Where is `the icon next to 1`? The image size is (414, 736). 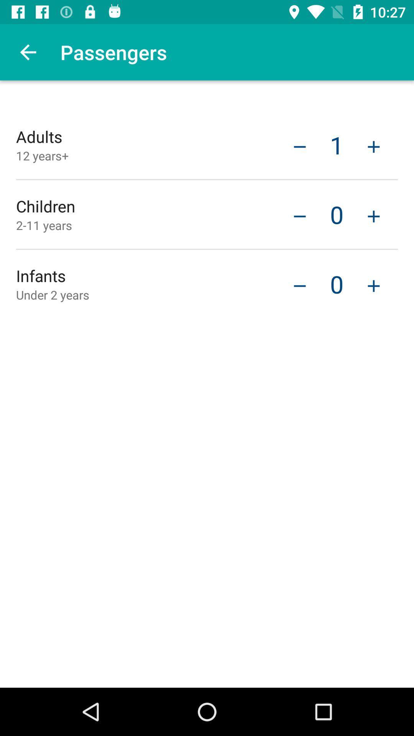
the icon next to 1 is located at coordinates (299, 146).